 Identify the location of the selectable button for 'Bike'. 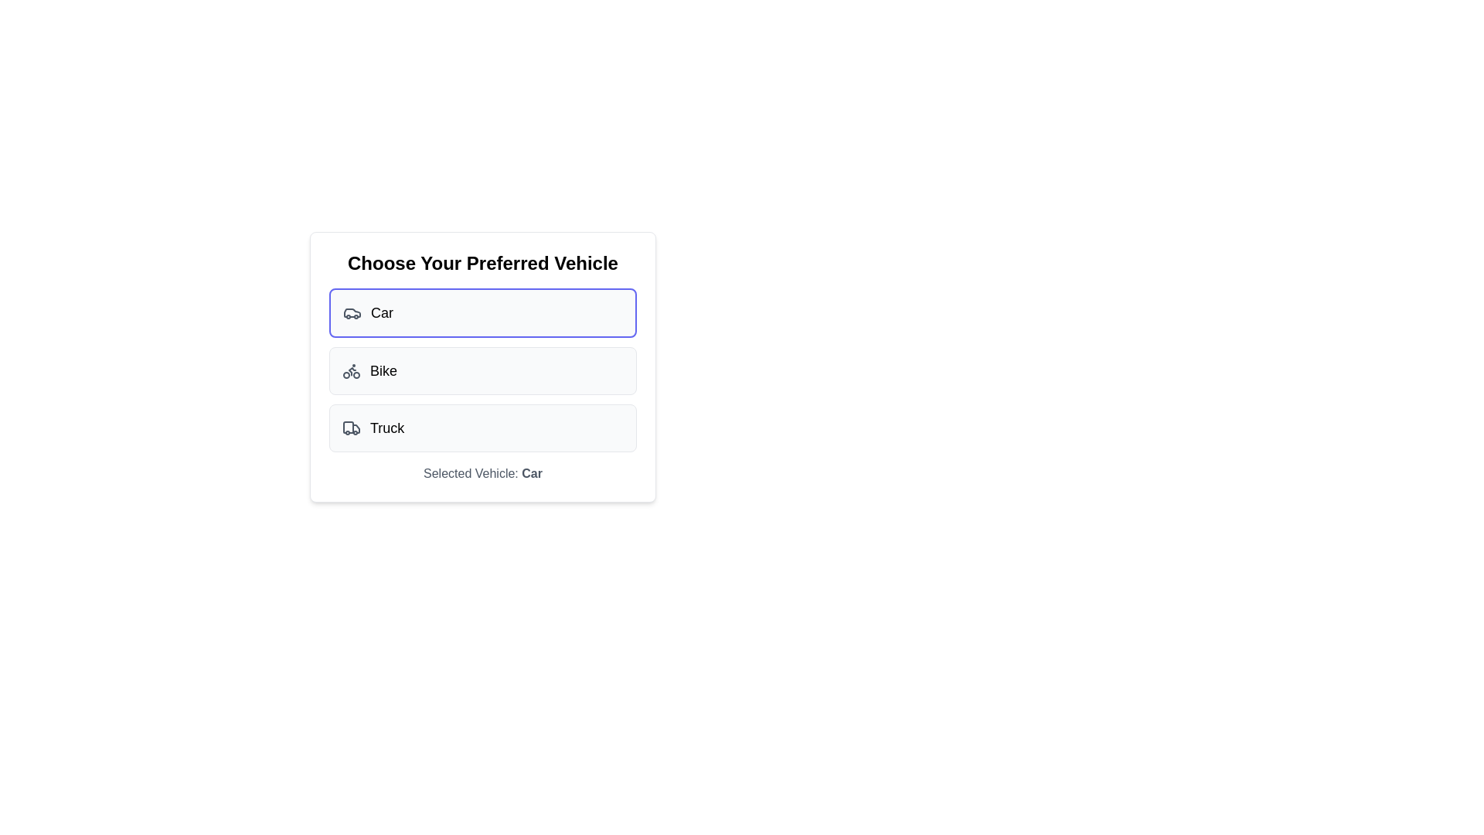
(482, 370).